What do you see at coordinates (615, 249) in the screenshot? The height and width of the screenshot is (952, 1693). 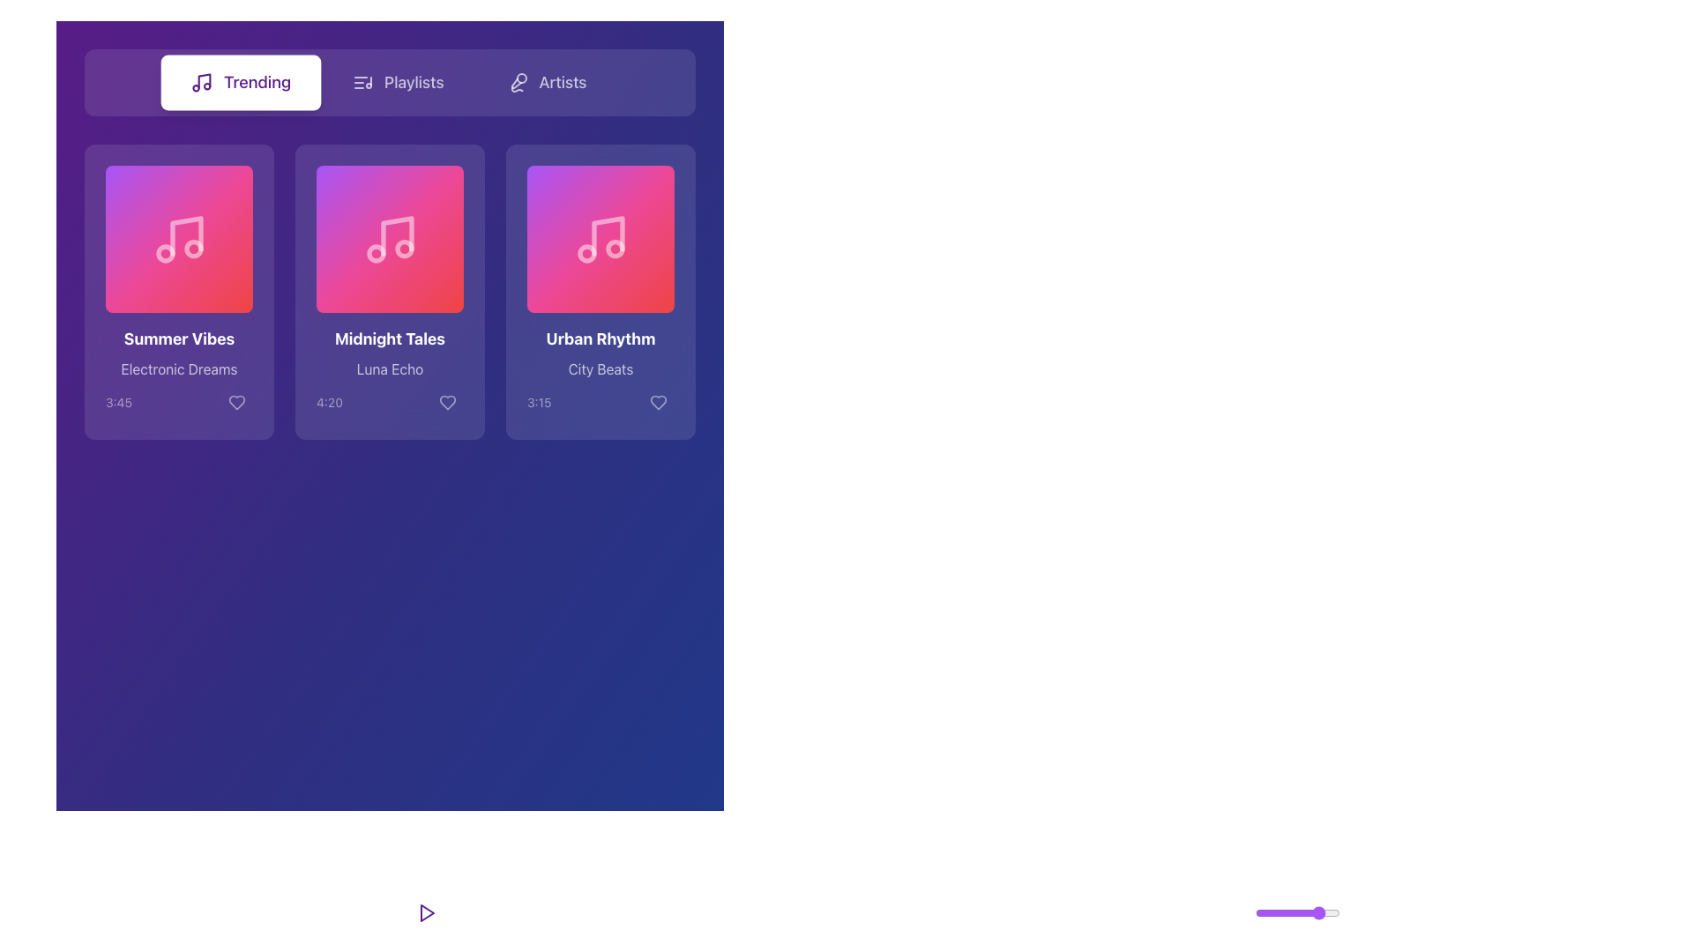 I see `the second circular shape with a white border and consistent color located near the top right section of the musical note icon in the 'Urban Rhythm' card` at bounding box center [615, 249].